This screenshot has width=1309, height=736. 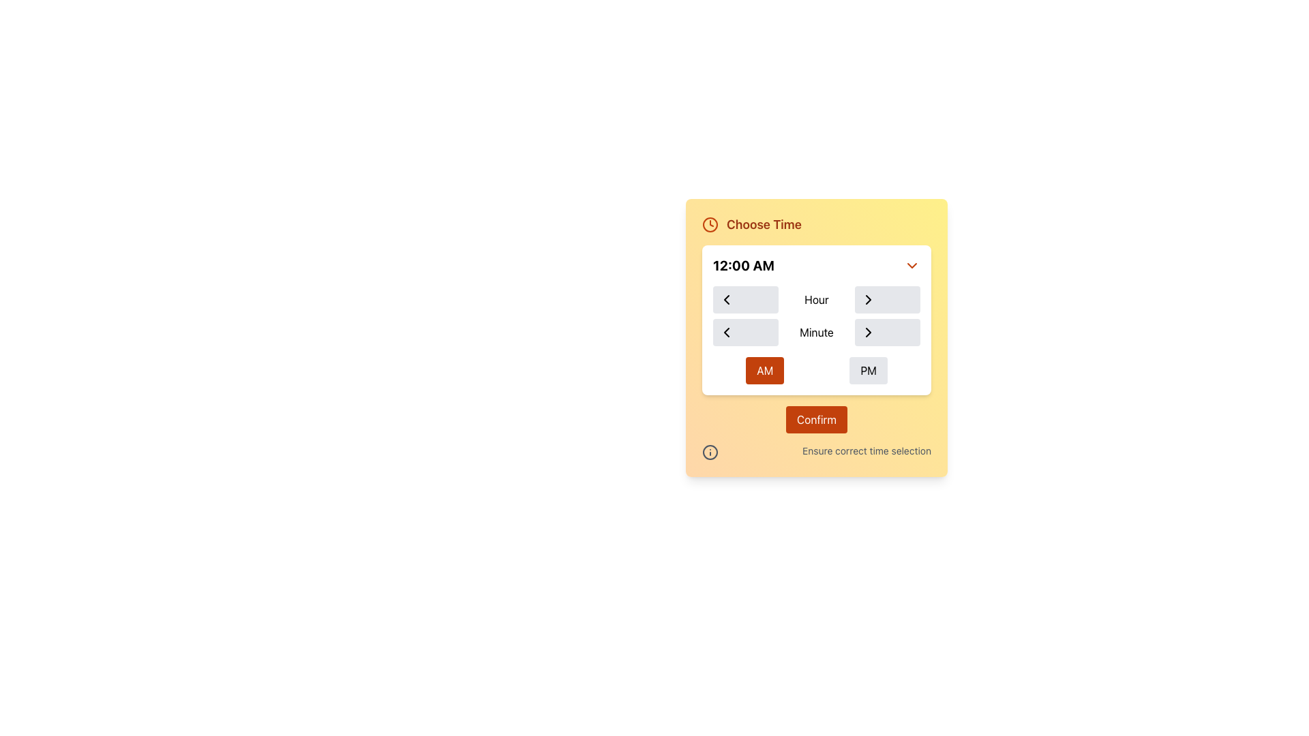 What do you see at coordinates (868, 370) in the screenshot?
I see `the 'PM' button in the time setting interface` at bounding box center [868, 370].